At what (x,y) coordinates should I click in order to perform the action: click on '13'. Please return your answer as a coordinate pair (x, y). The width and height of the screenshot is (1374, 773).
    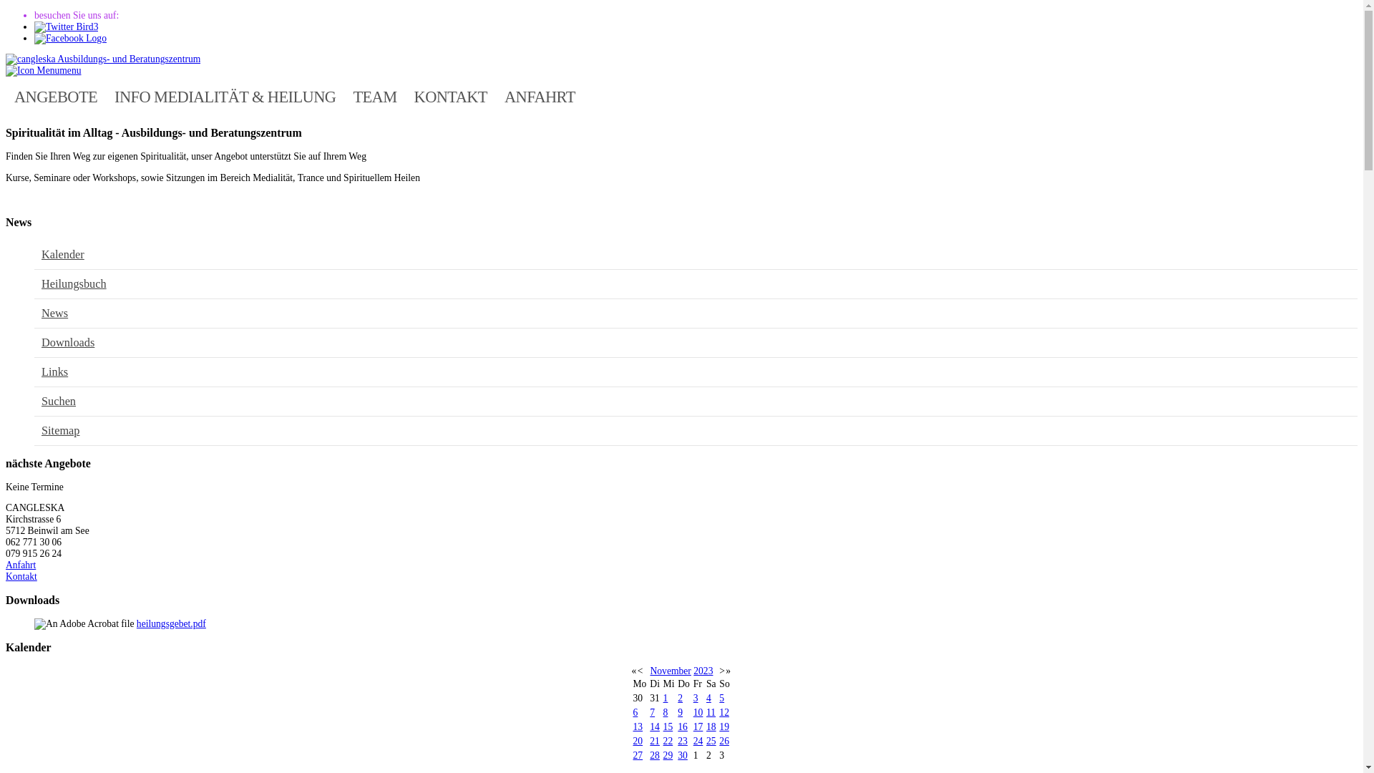
    Looking at the image, I should click on (637, 726).